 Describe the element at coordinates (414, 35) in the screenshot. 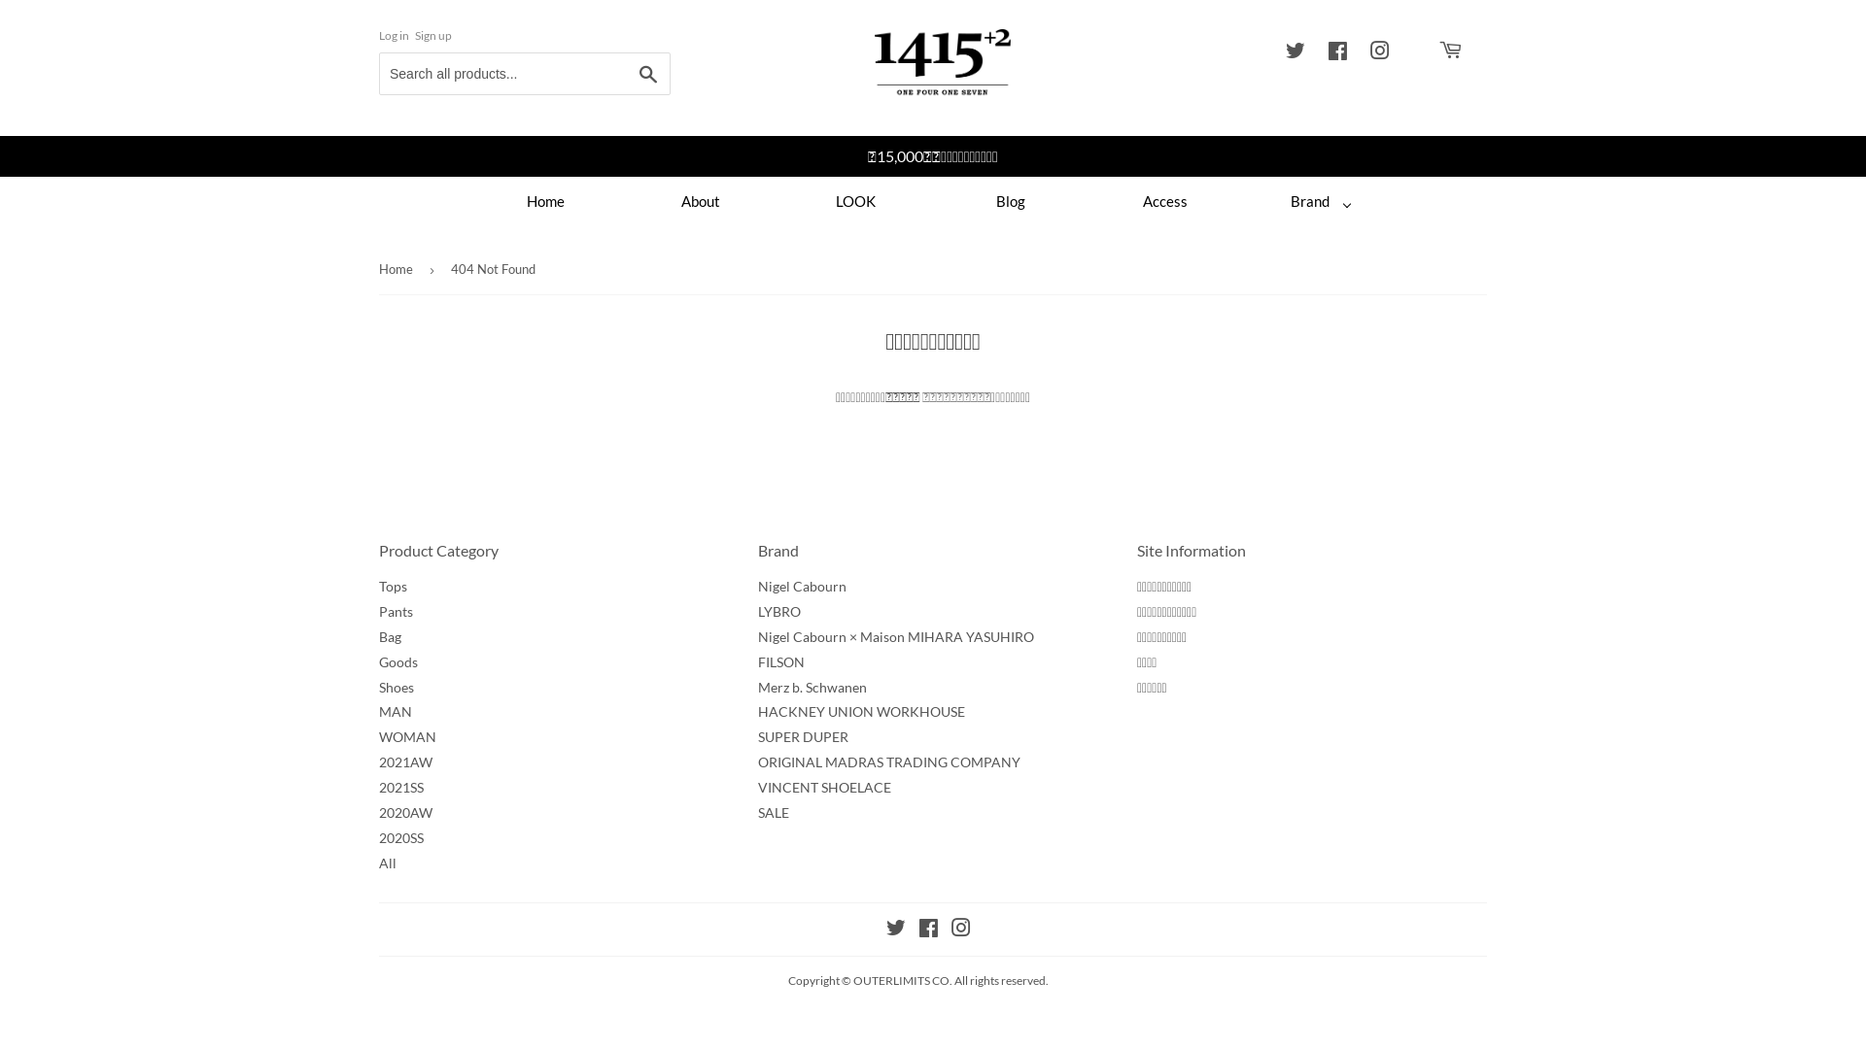

I see `'Sign up'` at that location.